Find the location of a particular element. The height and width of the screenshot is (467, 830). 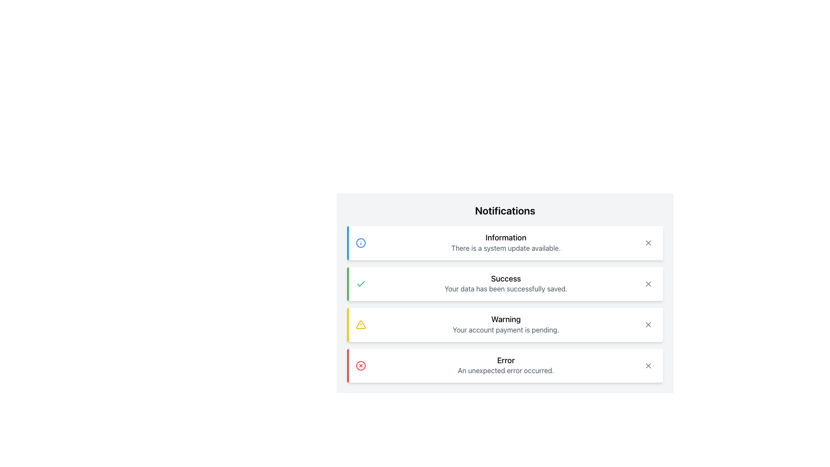

the 'X' icon in the top-right corner of the 'Warning' notification box is located at coordinates (648, 325).